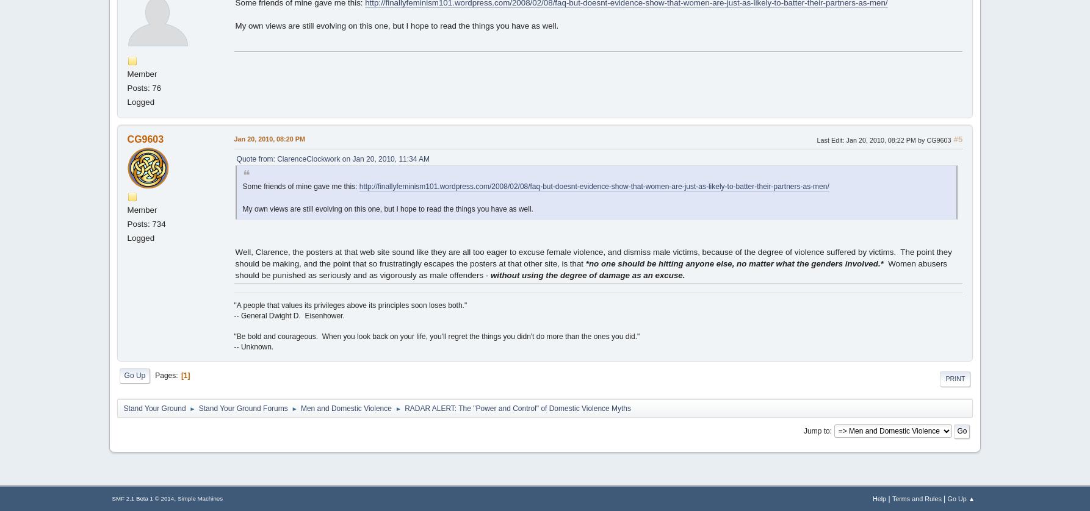  I want to click on 'Stand Your Ground Forums', so click(242, 407).